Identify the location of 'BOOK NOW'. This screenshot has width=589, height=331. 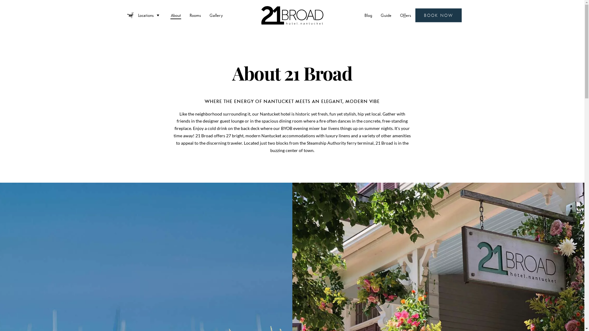
(438, 15).